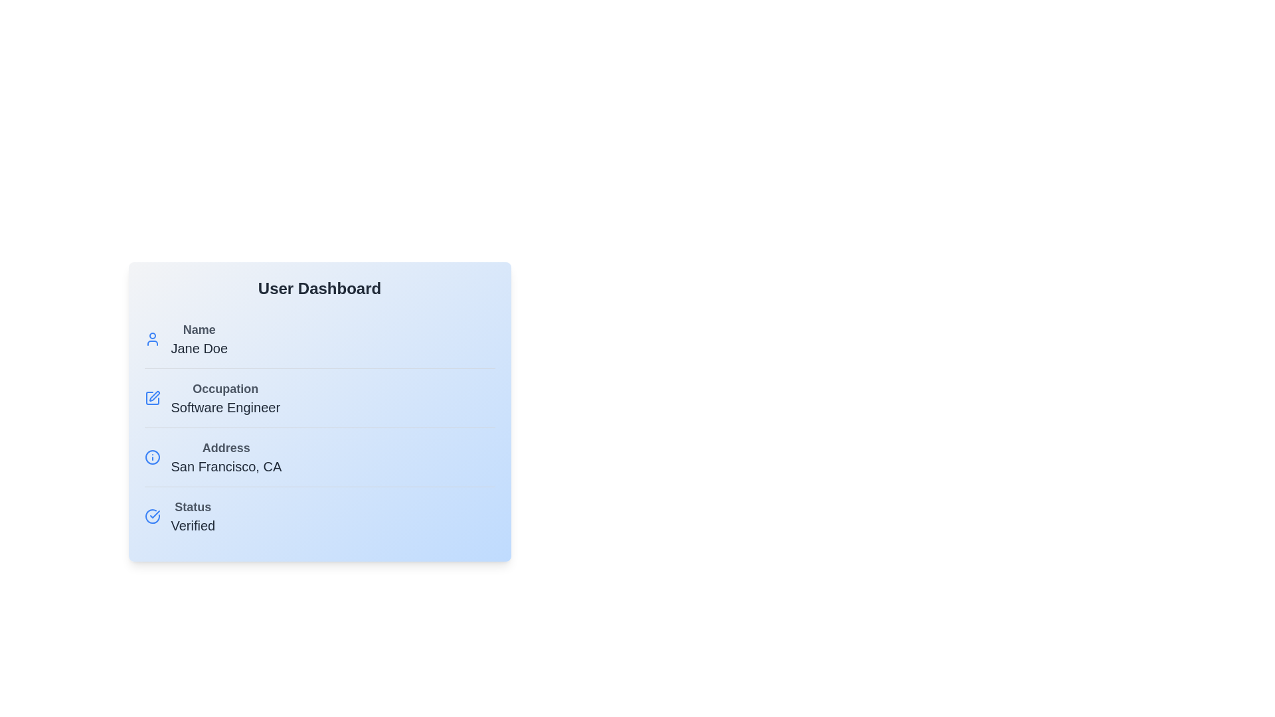 Image resolution: width=1275 pixels, height=717 pixels. Describe the element at coordinates (152, 457) in the screenshot. I see `the central circular feature of the information icon, which serves as a decorative part of the icon` at that location.